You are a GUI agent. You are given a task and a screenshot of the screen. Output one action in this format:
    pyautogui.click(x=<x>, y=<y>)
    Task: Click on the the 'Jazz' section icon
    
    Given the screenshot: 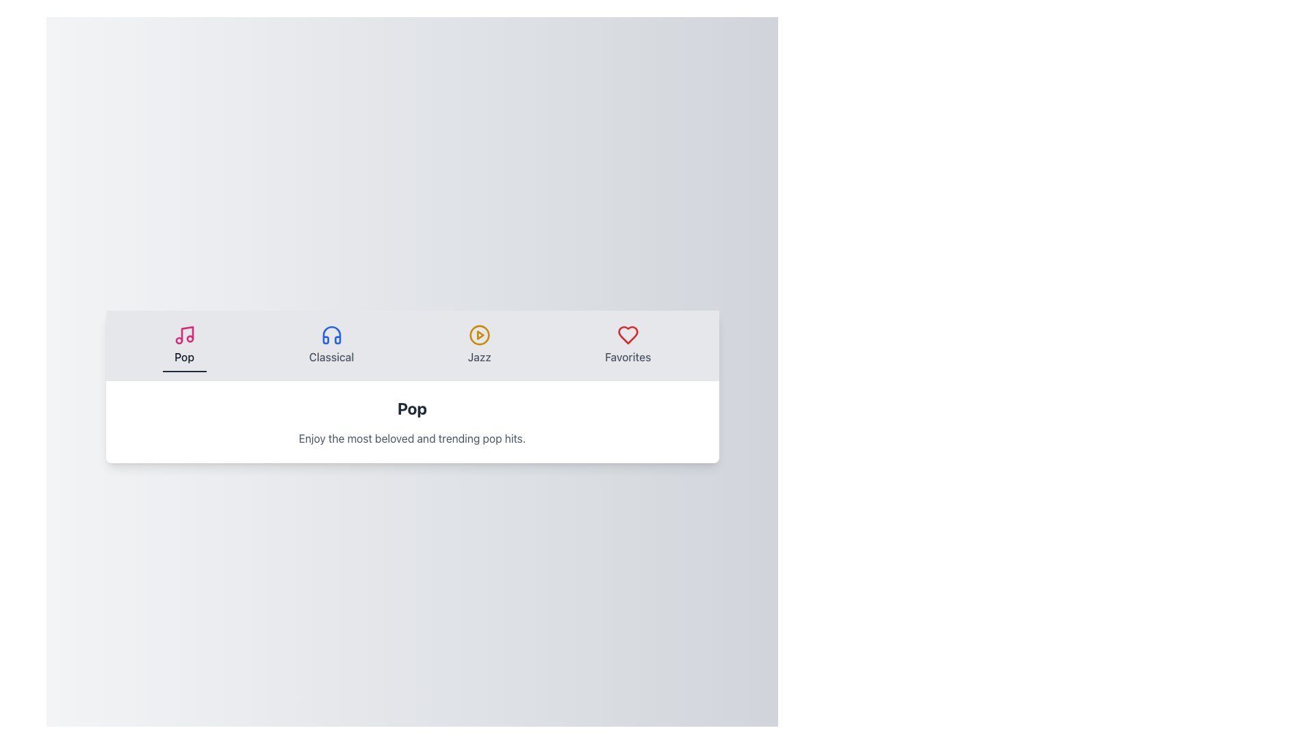 What is the action you would take?
    pyautogui.click(x=479, y=335)
    